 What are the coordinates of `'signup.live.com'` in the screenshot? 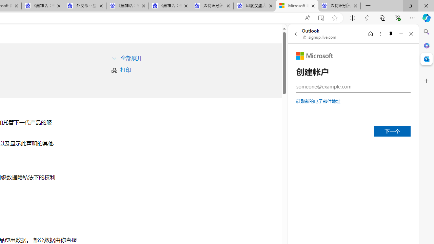 It's located at (320, 37).